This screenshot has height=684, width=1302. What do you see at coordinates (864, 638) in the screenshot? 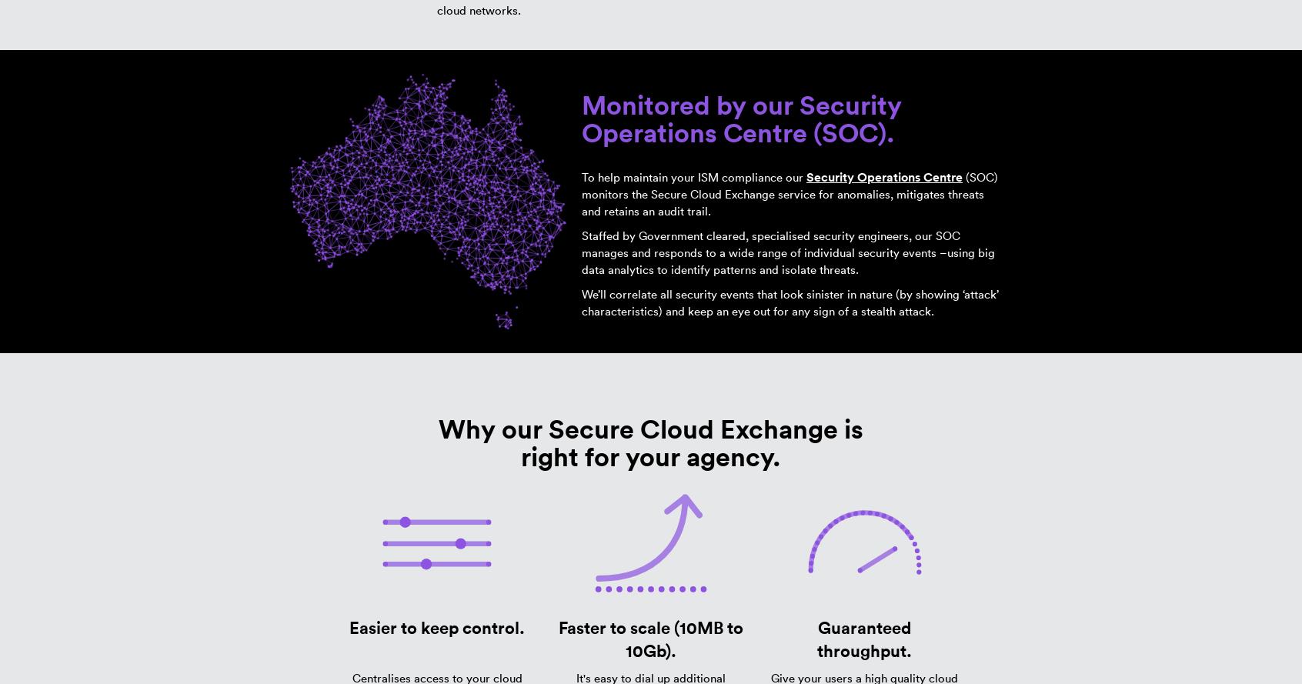
I see `'Guaranteed throughput.'` at bounding box center [864, 638].